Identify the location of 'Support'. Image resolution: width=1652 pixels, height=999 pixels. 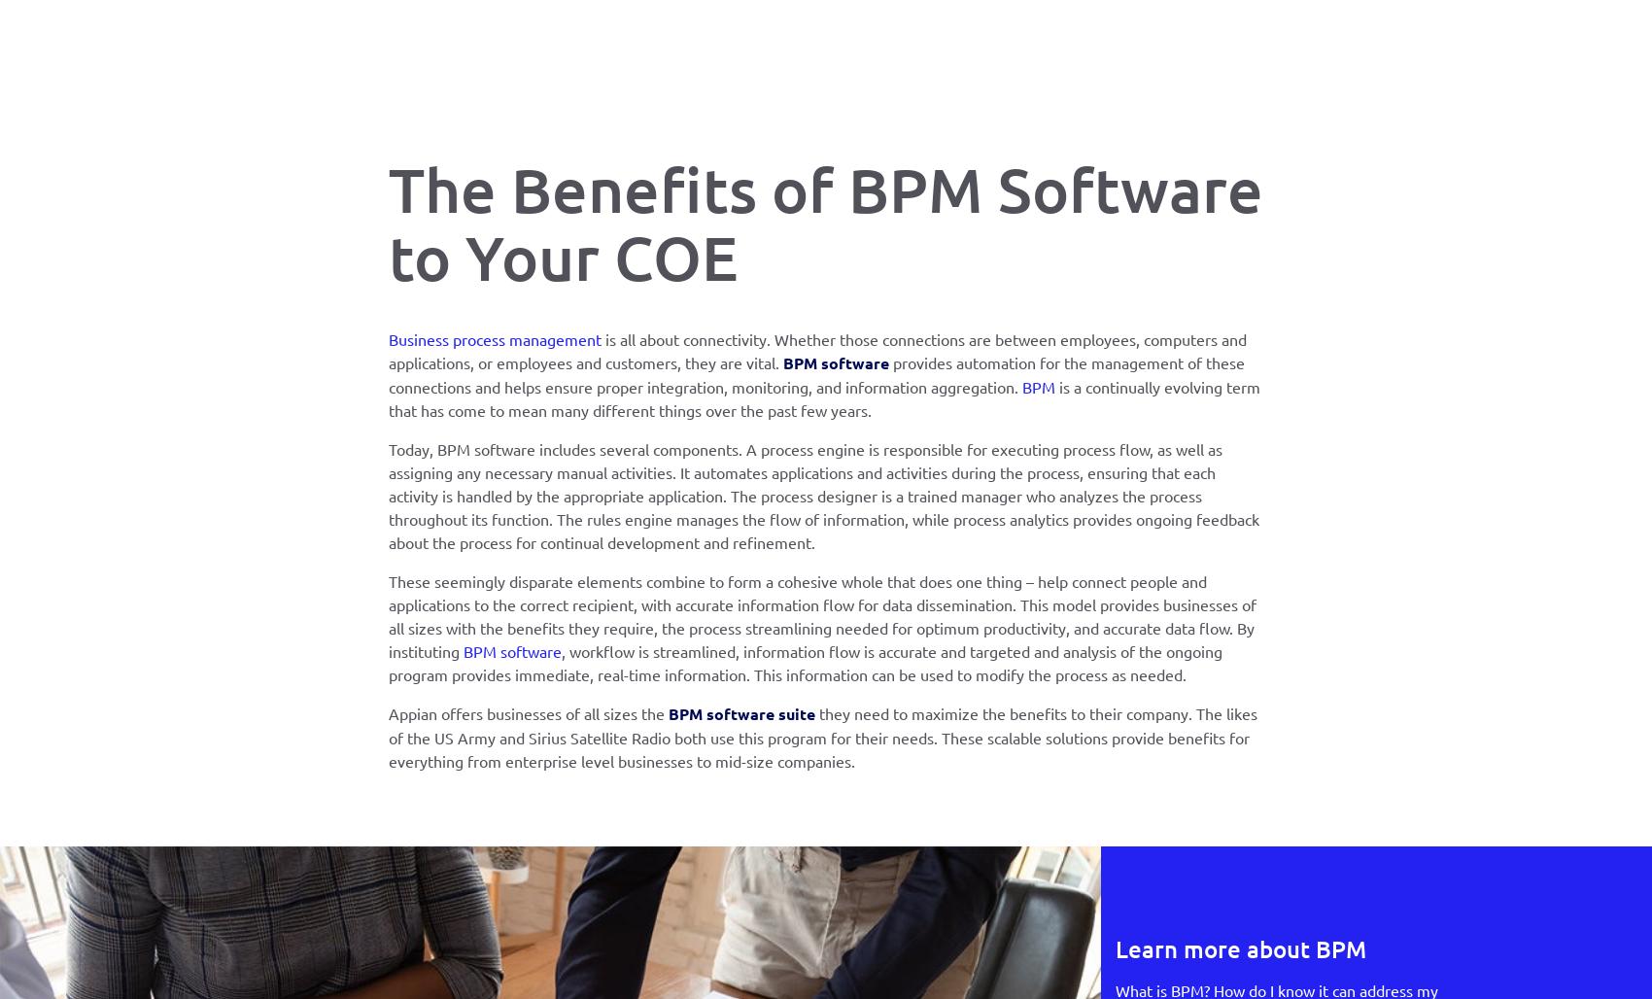
(611, 48).